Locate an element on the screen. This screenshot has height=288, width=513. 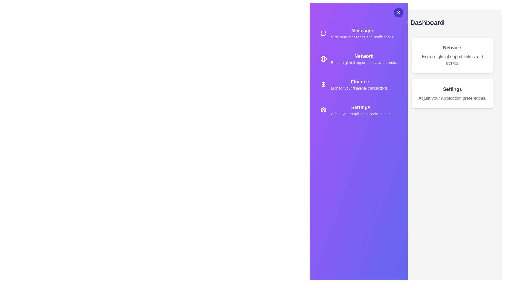
the sidebar option Finance is located at coordinates (359, 84).